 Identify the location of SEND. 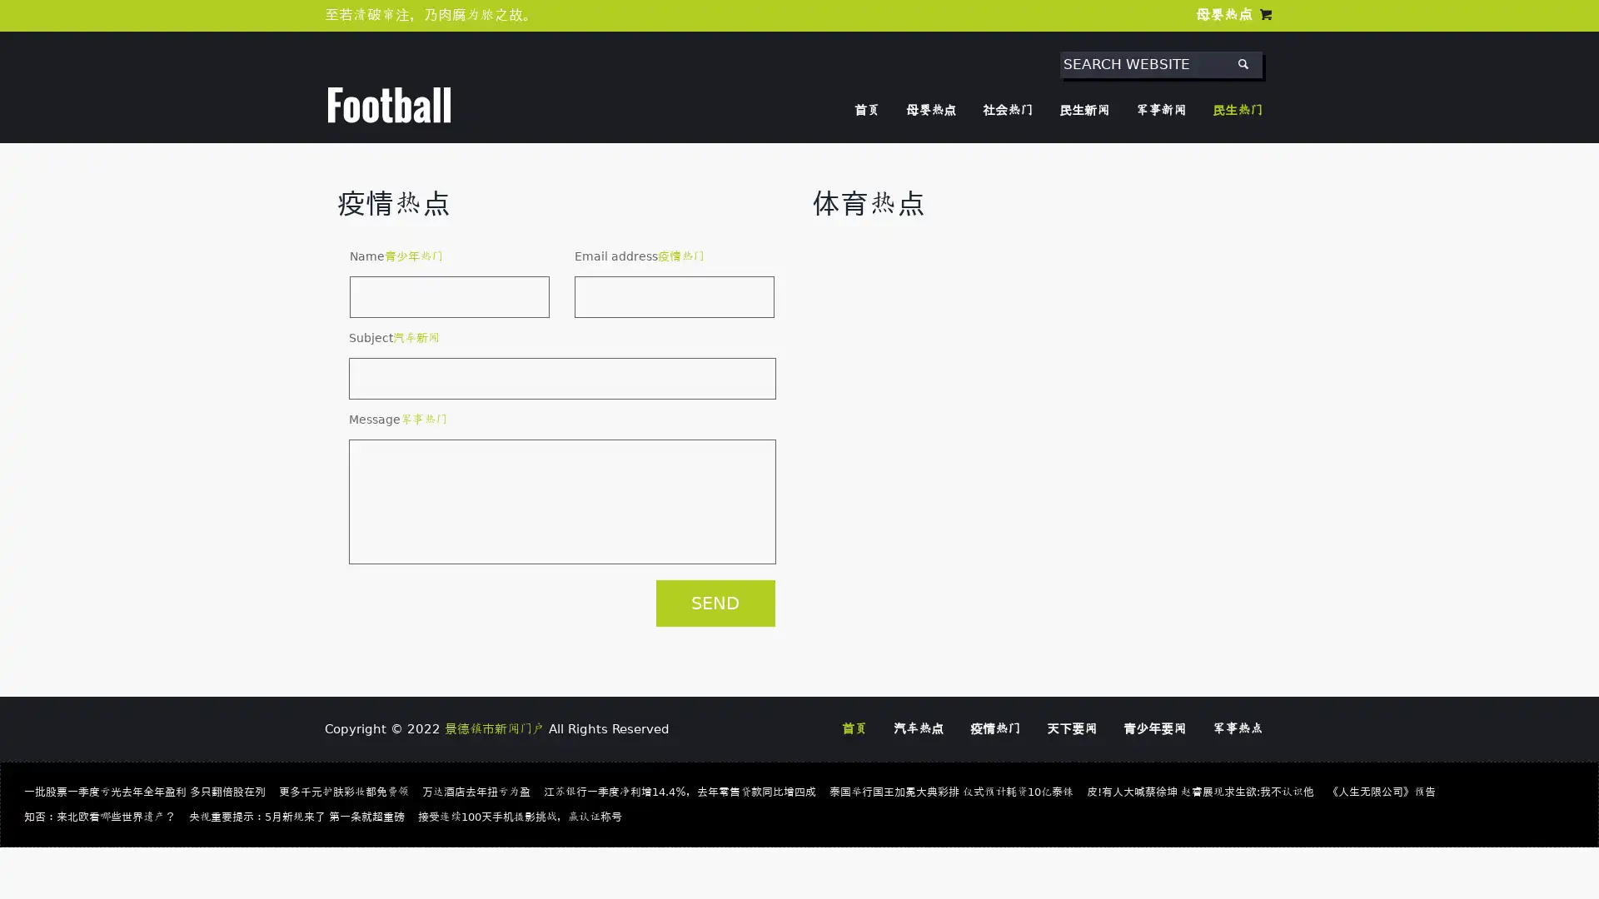
(715, 603).